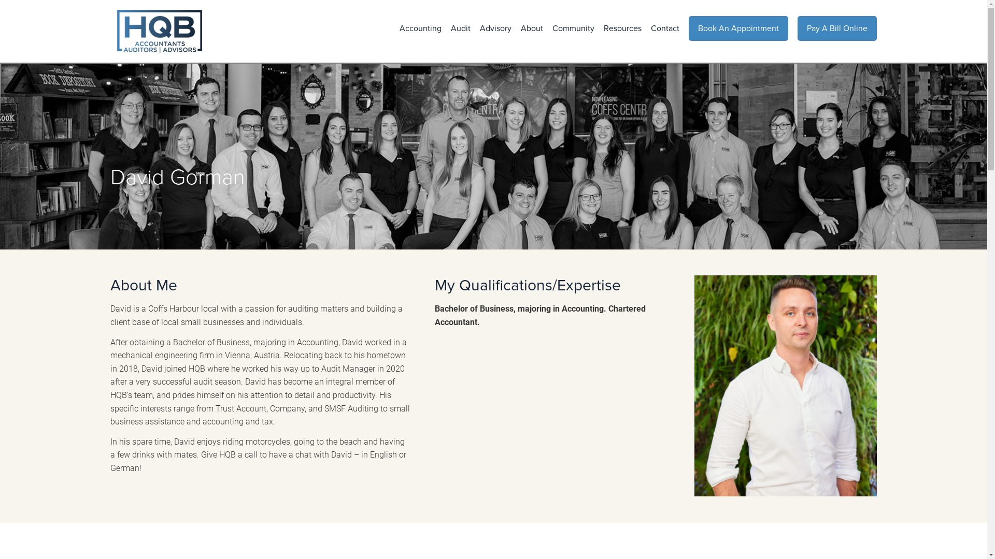 The width and height of the screenshot is (995, 559). I want to click on 'Accounting', so click(416, 27).